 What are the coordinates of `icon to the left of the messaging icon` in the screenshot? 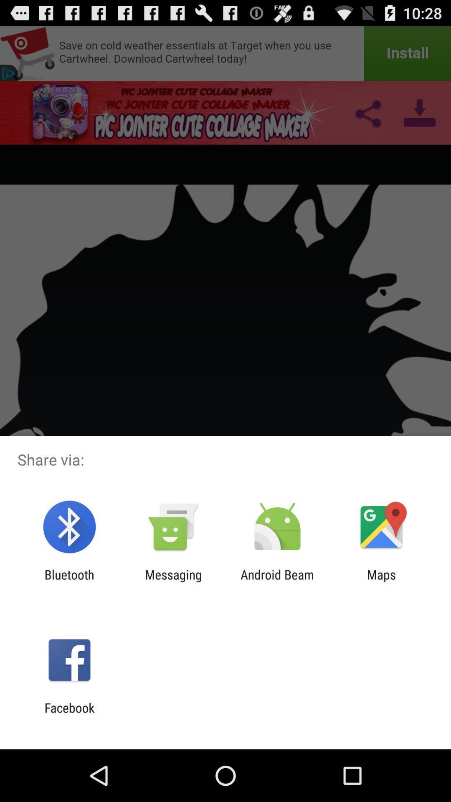 It's located at (69, 581).